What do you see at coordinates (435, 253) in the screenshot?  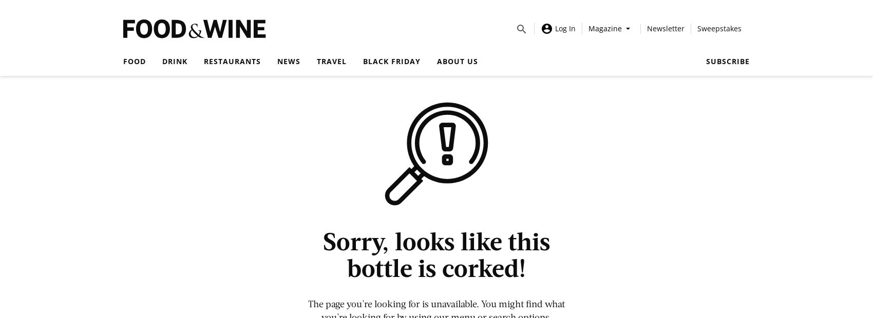 I see `'Sorry, looks like this bottle is corked!'` at bounding box center [435, 253].